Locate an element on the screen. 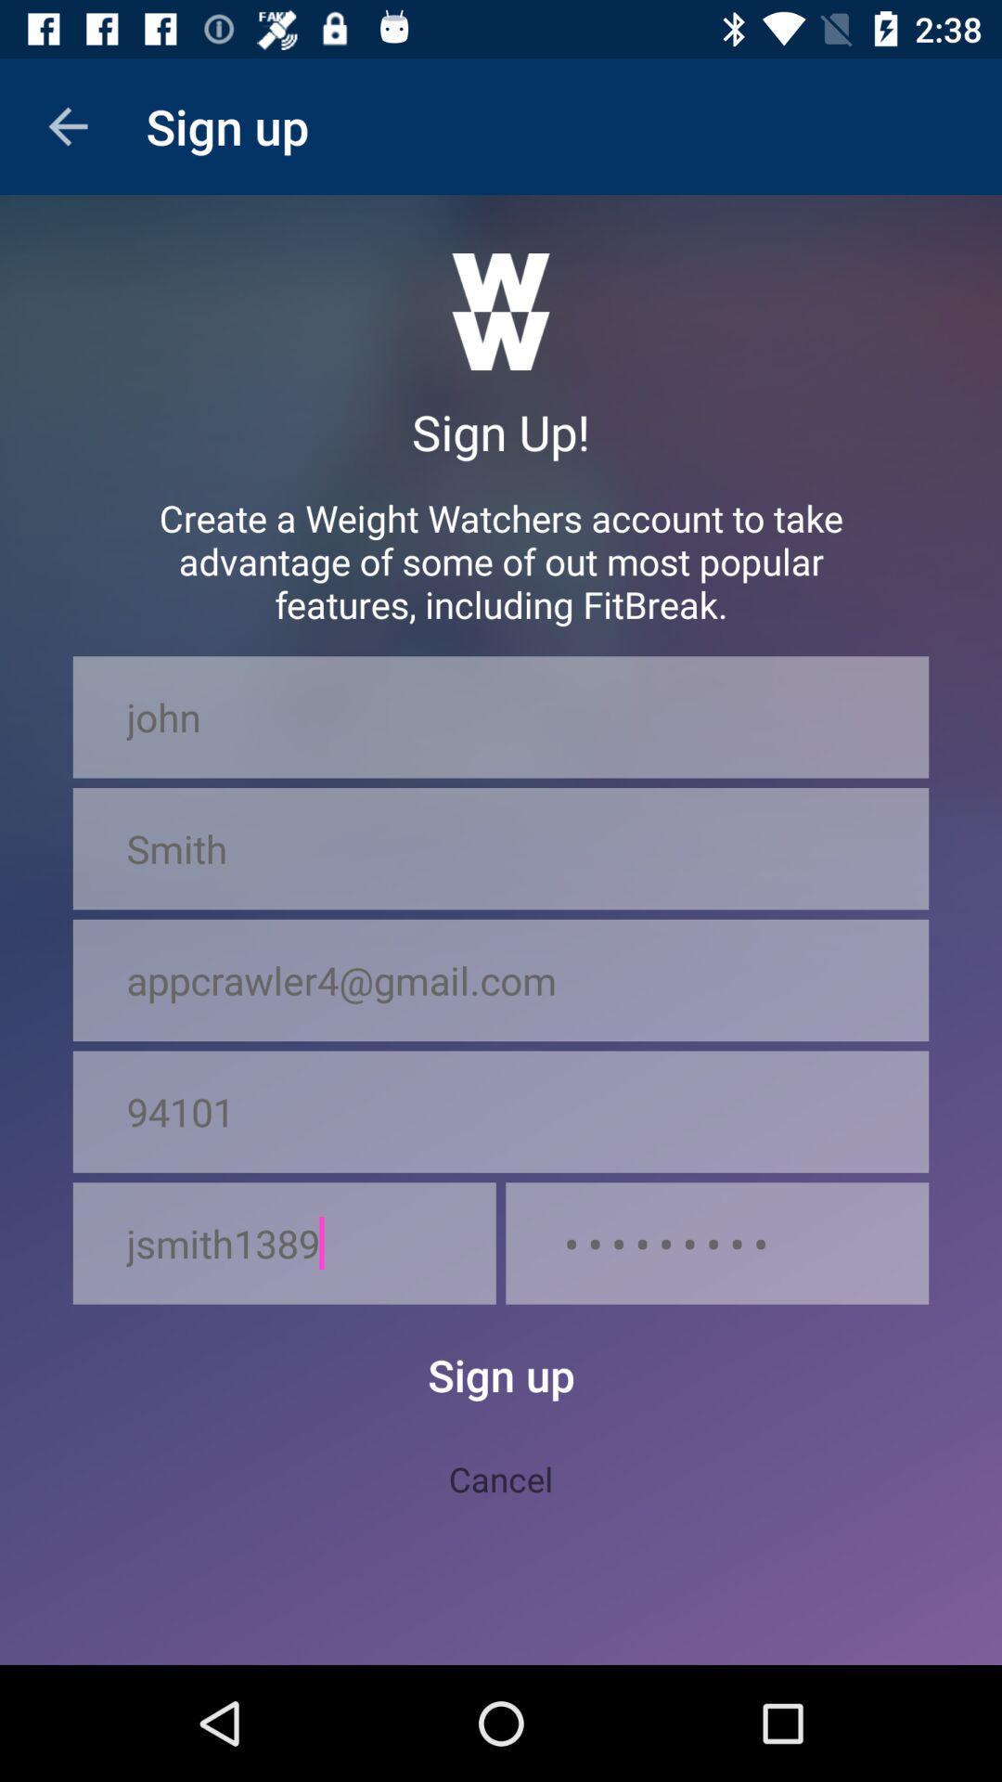 This screenshot has height=1782, width=1002. the jsmith1389 icon is located at coordinates (284, 1243).